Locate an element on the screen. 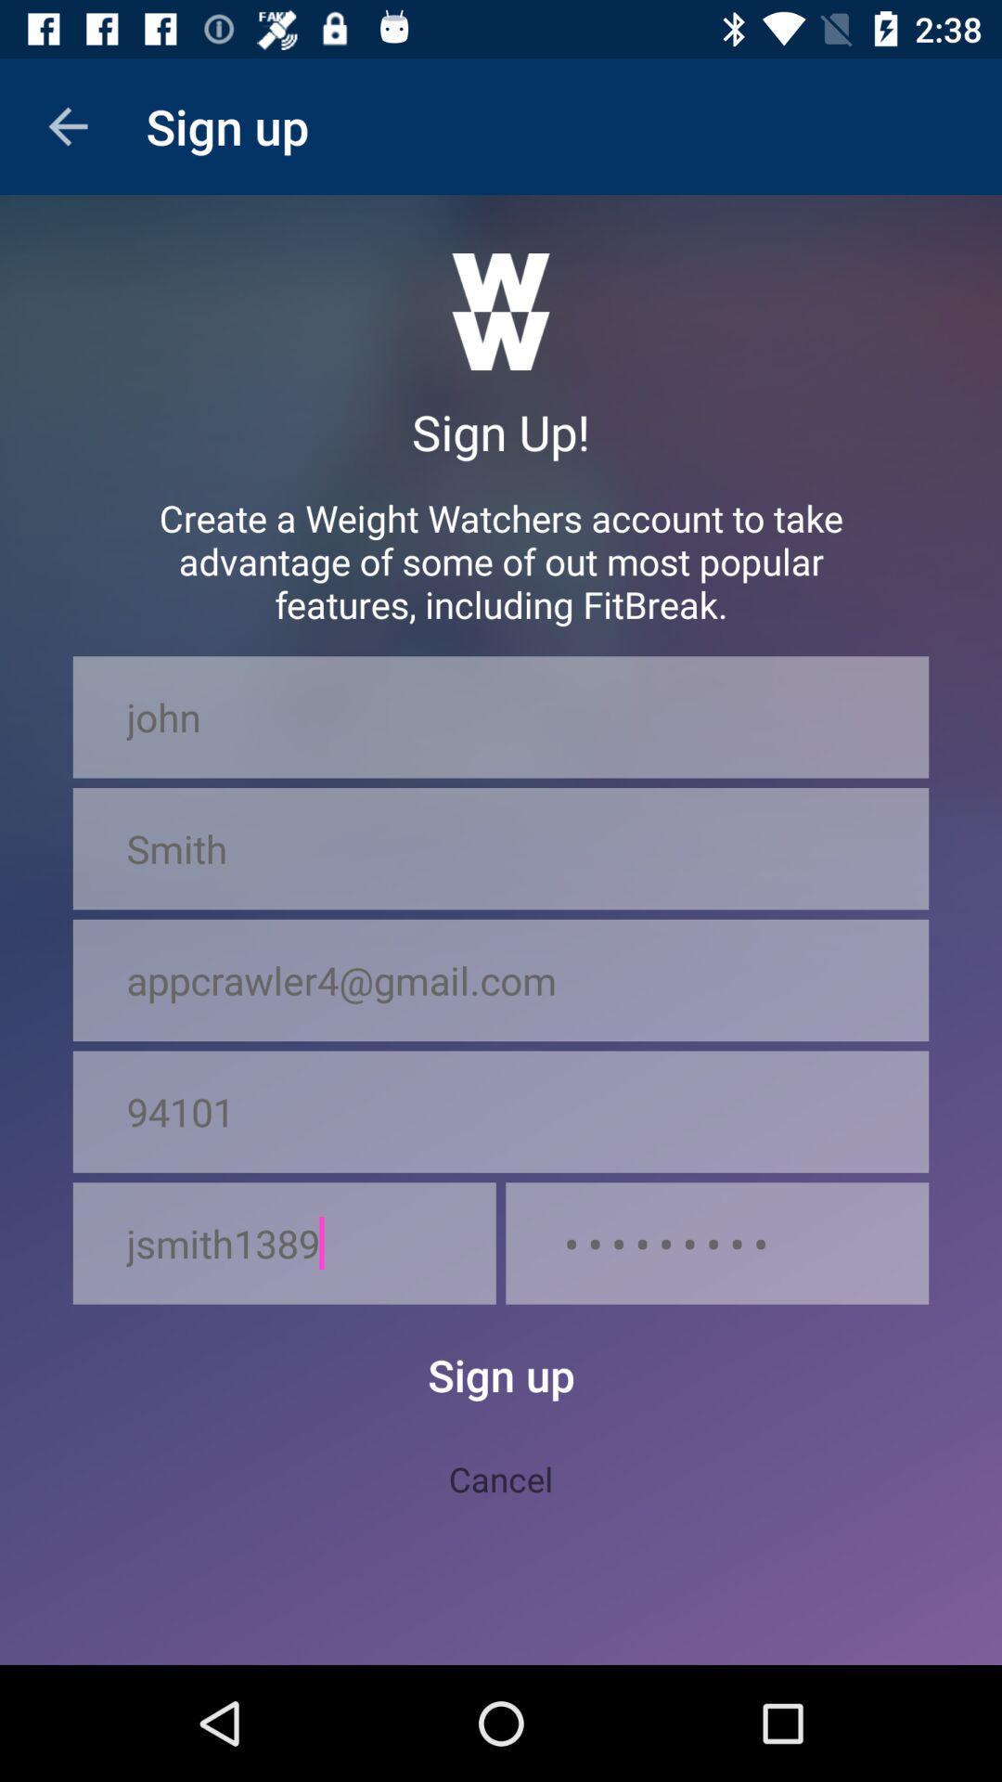 This screenshot has height=1782, width=1002. the jsmith1389 icon is located at coordinates (284, 1243).